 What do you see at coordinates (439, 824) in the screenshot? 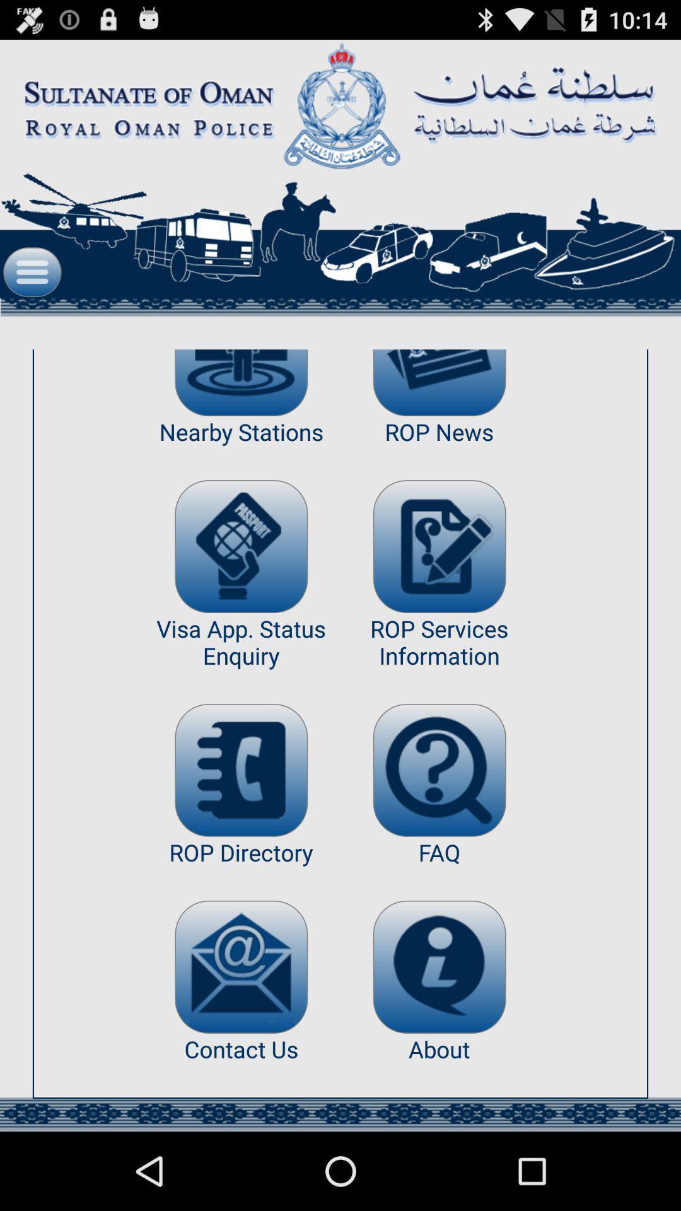
I see `the help icon` at bounding box center [439, 824].